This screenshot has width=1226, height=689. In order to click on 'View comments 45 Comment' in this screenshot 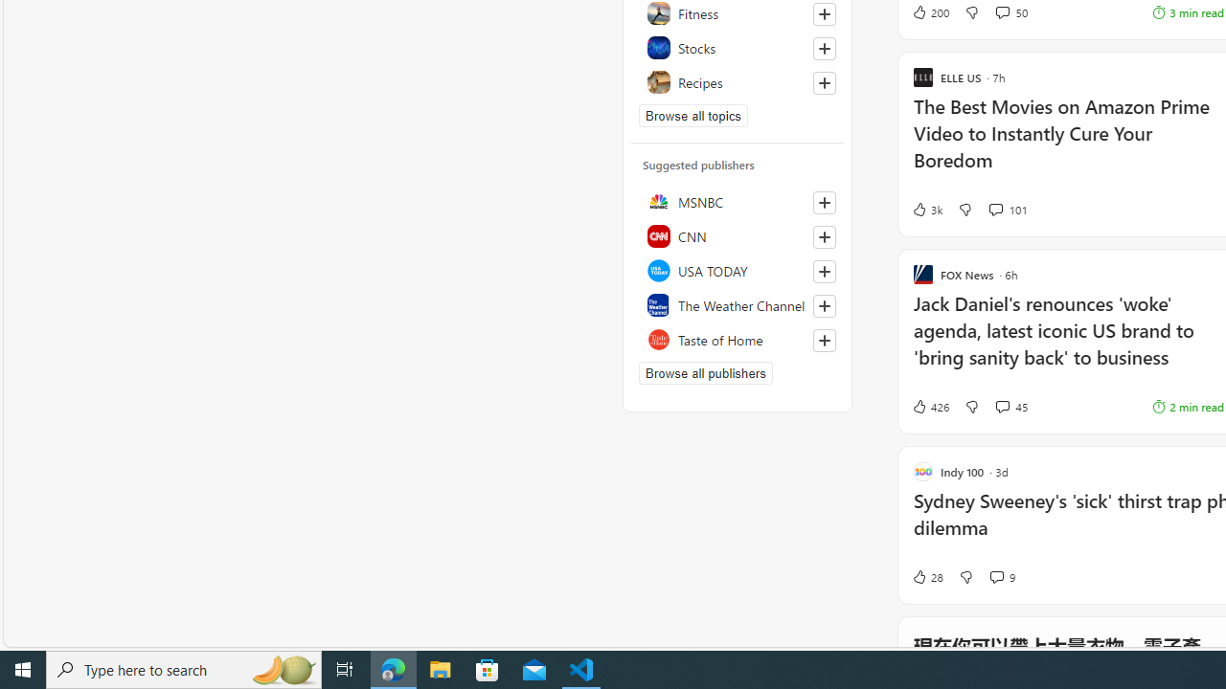, I will do `click(1010, 406)`.